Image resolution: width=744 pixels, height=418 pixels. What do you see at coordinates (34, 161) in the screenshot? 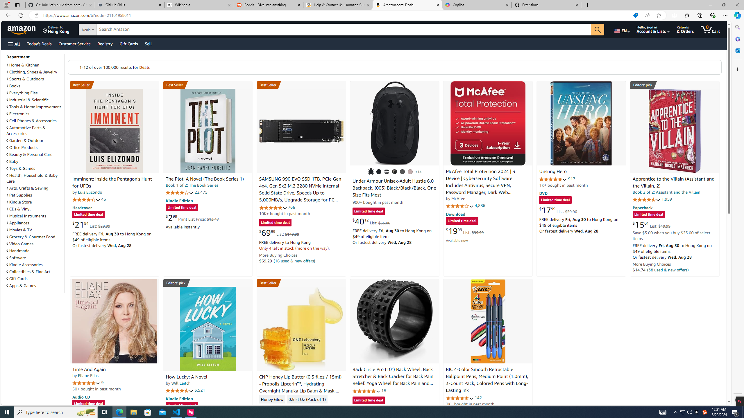
I see `'Baby'` at bounding box center [34, 161].